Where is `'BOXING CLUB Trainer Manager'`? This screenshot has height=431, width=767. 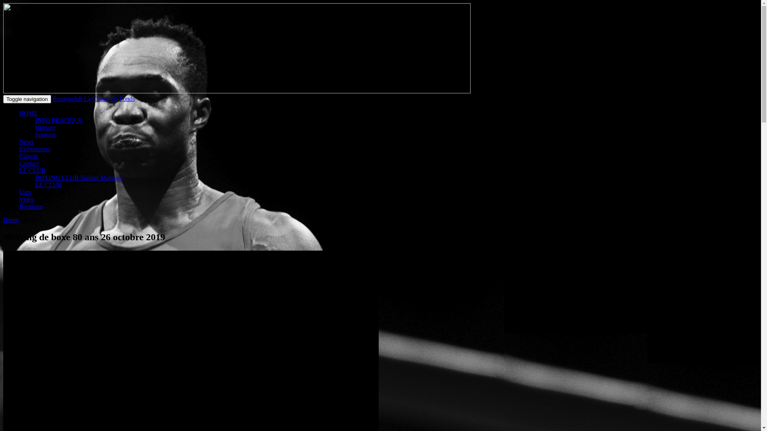 'BOXING CLUB Trainer Manager' is located at coordinates (79, 177).